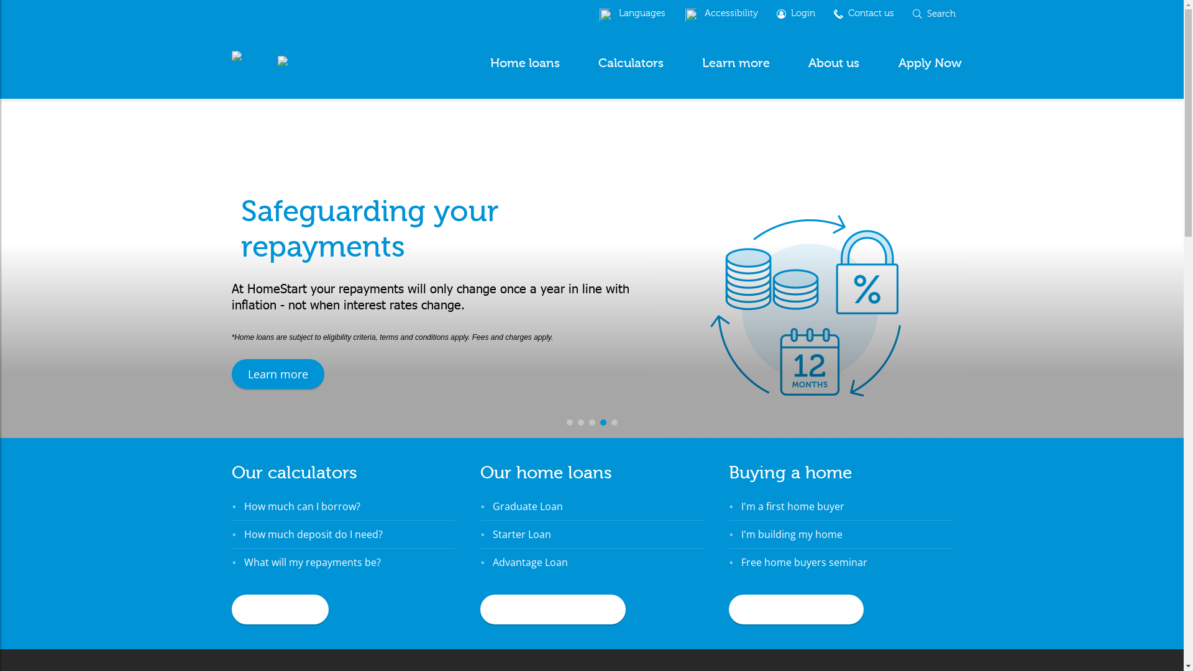 Image resolution: width=1193 pixels, height=671 pixels. Describe the element at coordinates (569, 421) in the screenshot. I see `'1'` at that location.